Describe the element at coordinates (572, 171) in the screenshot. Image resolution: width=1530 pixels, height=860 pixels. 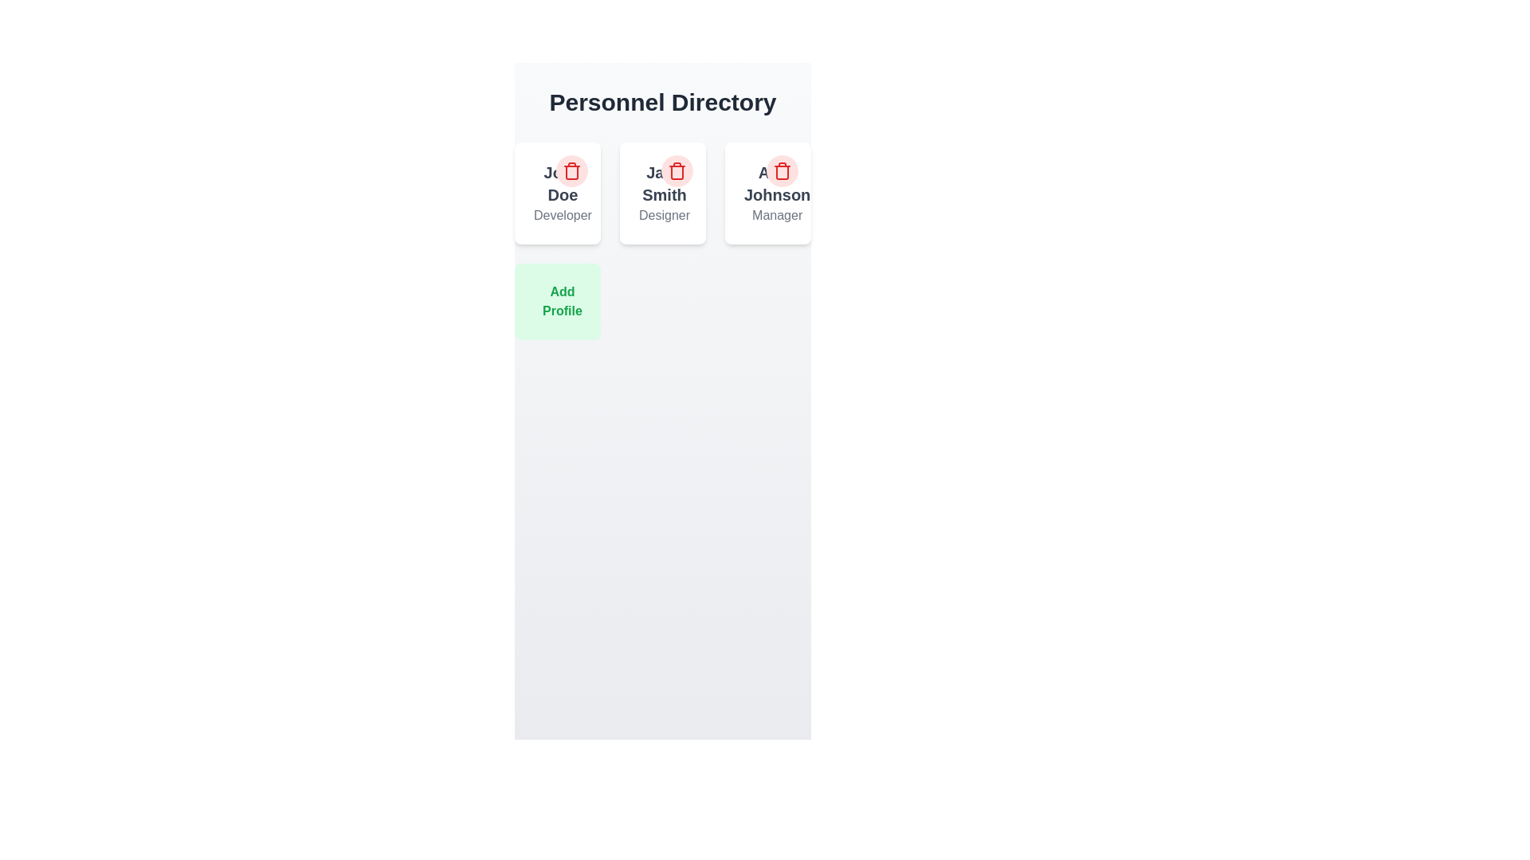
I see `the circular red trash can button in the top-right corner of John Doe's personnel card to initiate the delete action` at that location.